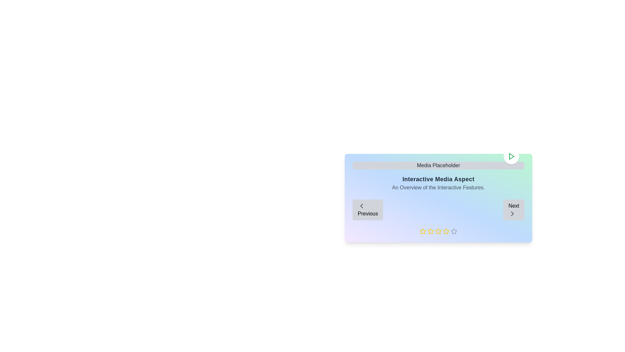  What do you see at coordinates (438, 165) in the screenshot?
I see `the Placeholder component that serves as a visual cue for media content, located above the 'Interactive Media Aspect' header` at bounding box center [438, 165].